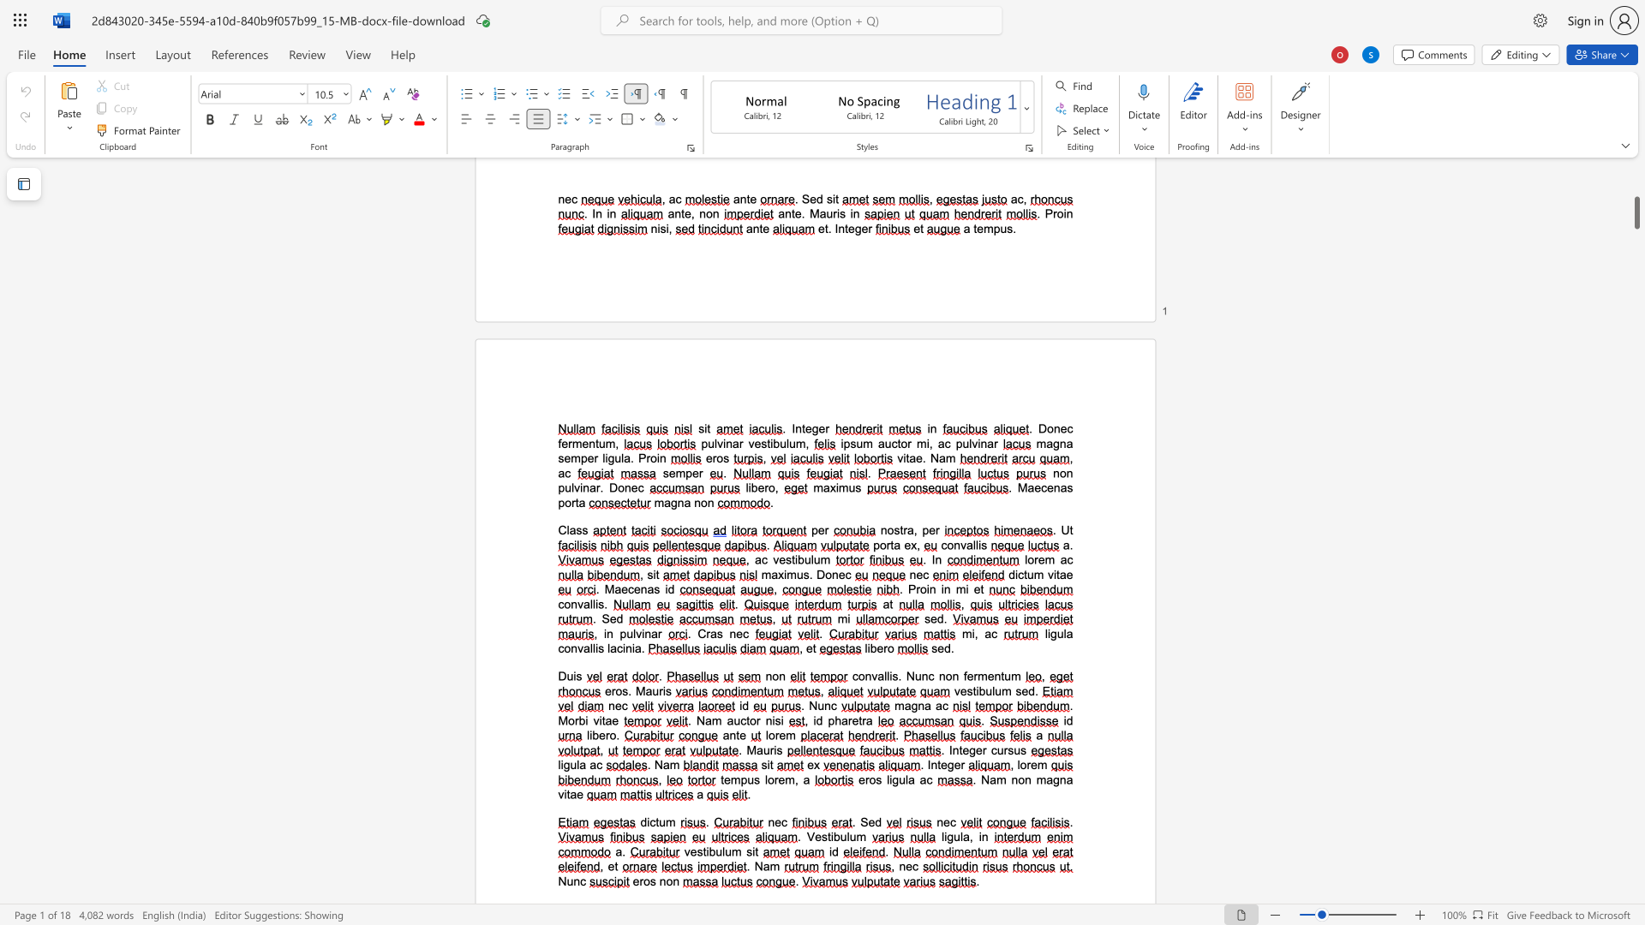  What do you see at coordinates (589, 648) in the screenshot?
I see `the space between the continuous character "a" and "l" in the text` at bounding box center [589, 648].